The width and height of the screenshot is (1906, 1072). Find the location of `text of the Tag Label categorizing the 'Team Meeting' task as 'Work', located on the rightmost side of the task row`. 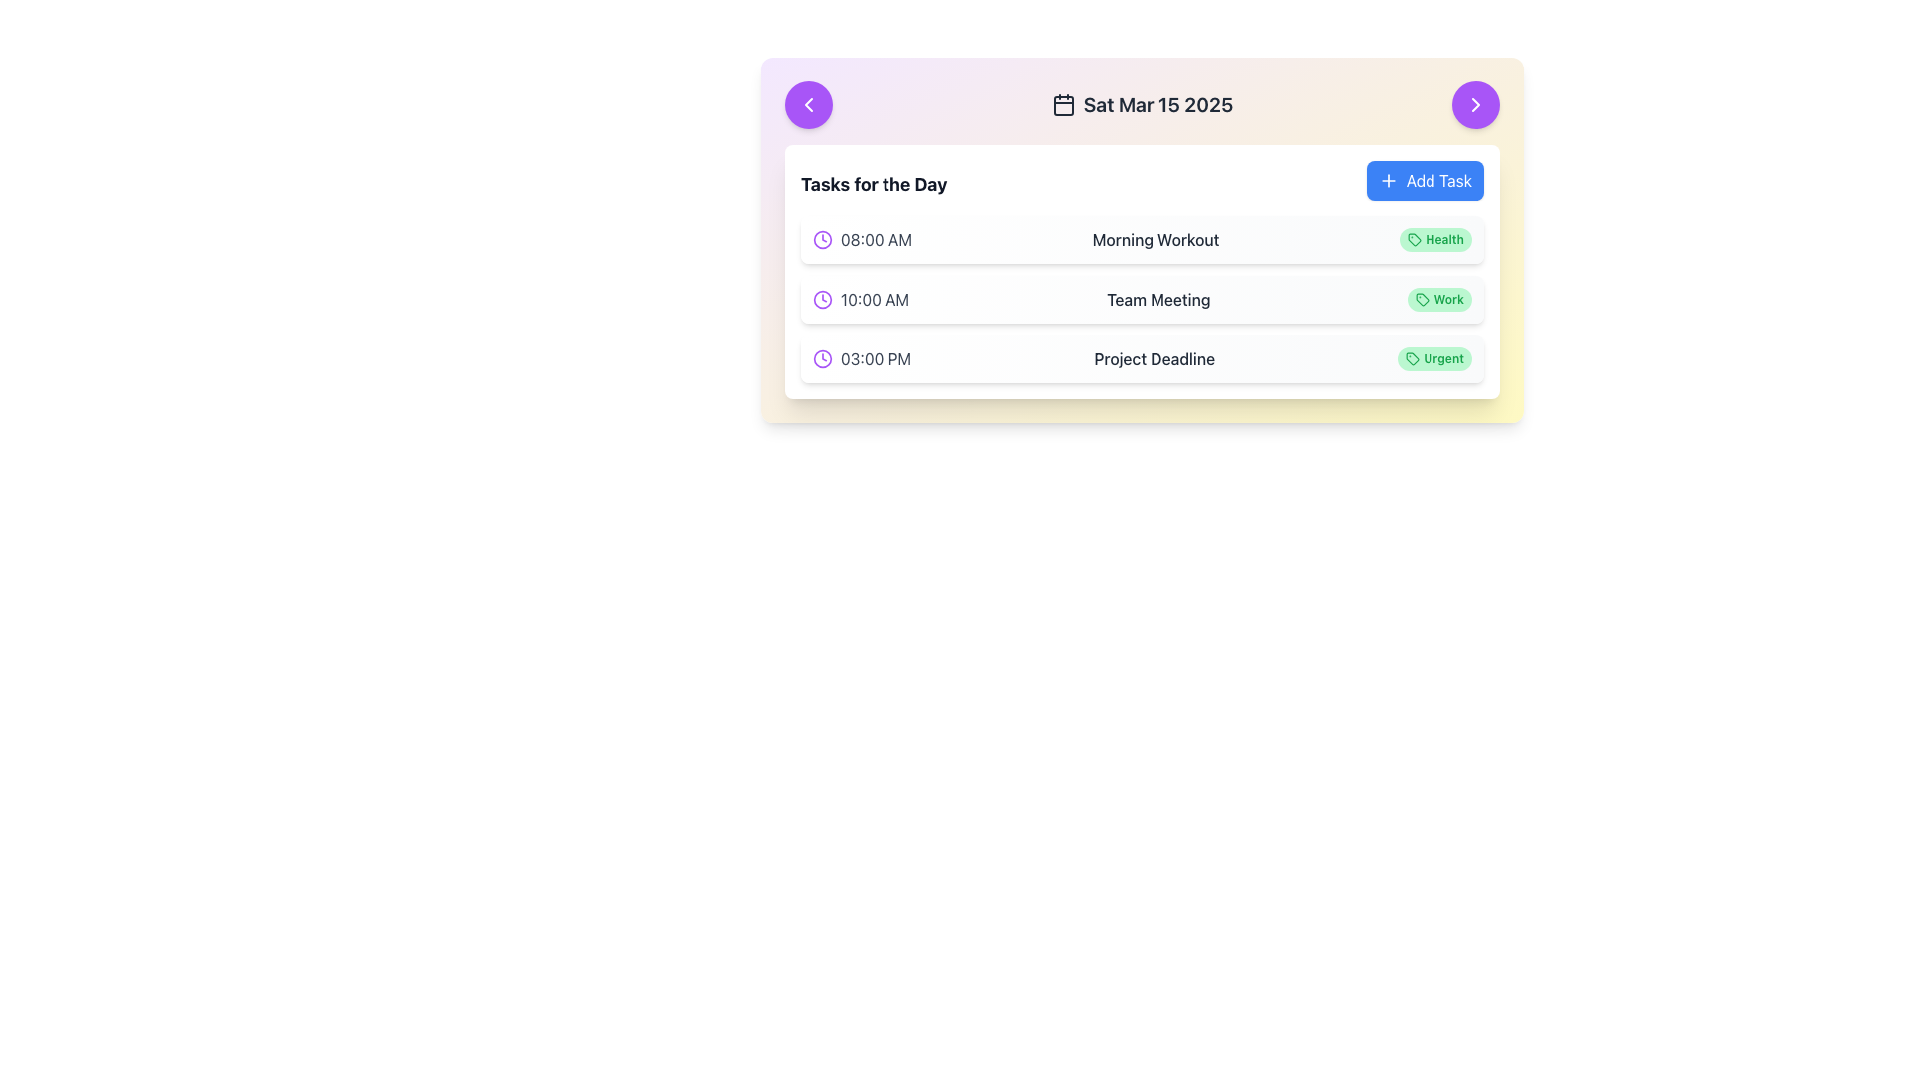

text of the Tag Label categorizing the 'Team Meeting' task as 'Work', located on the rightmost side of the task row is located at coordinates (1439, 299).